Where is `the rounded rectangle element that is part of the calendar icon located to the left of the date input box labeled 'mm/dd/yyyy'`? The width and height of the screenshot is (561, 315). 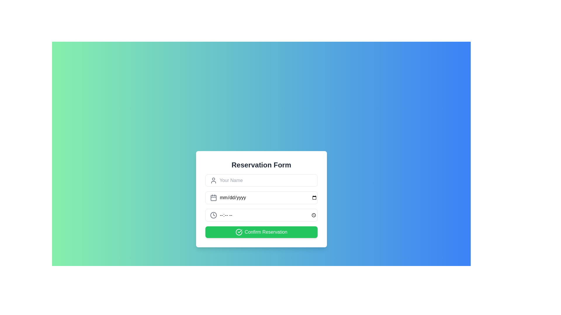 the rounded rectangle element that is part of the calendar icon located to the left of the date input box labeled 'mm/dd/yyyy' is located at coordinates (213, 197).